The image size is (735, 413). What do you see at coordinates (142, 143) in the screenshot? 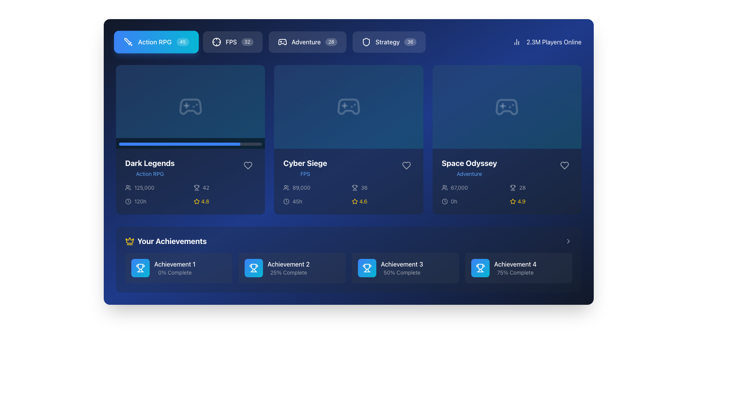
I see `the progress bar` at bounding box center [142, 143].